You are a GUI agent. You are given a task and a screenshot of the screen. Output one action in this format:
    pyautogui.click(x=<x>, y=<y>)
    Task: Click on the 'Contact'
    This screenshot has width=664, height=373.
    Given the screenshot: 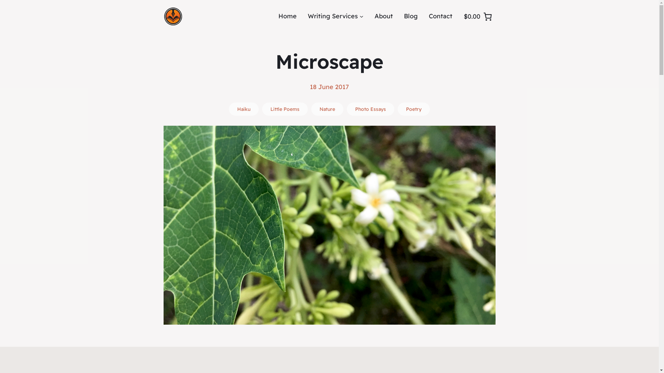 What is the action you would take?
    pyautogui.click(x=440, y=16)
    